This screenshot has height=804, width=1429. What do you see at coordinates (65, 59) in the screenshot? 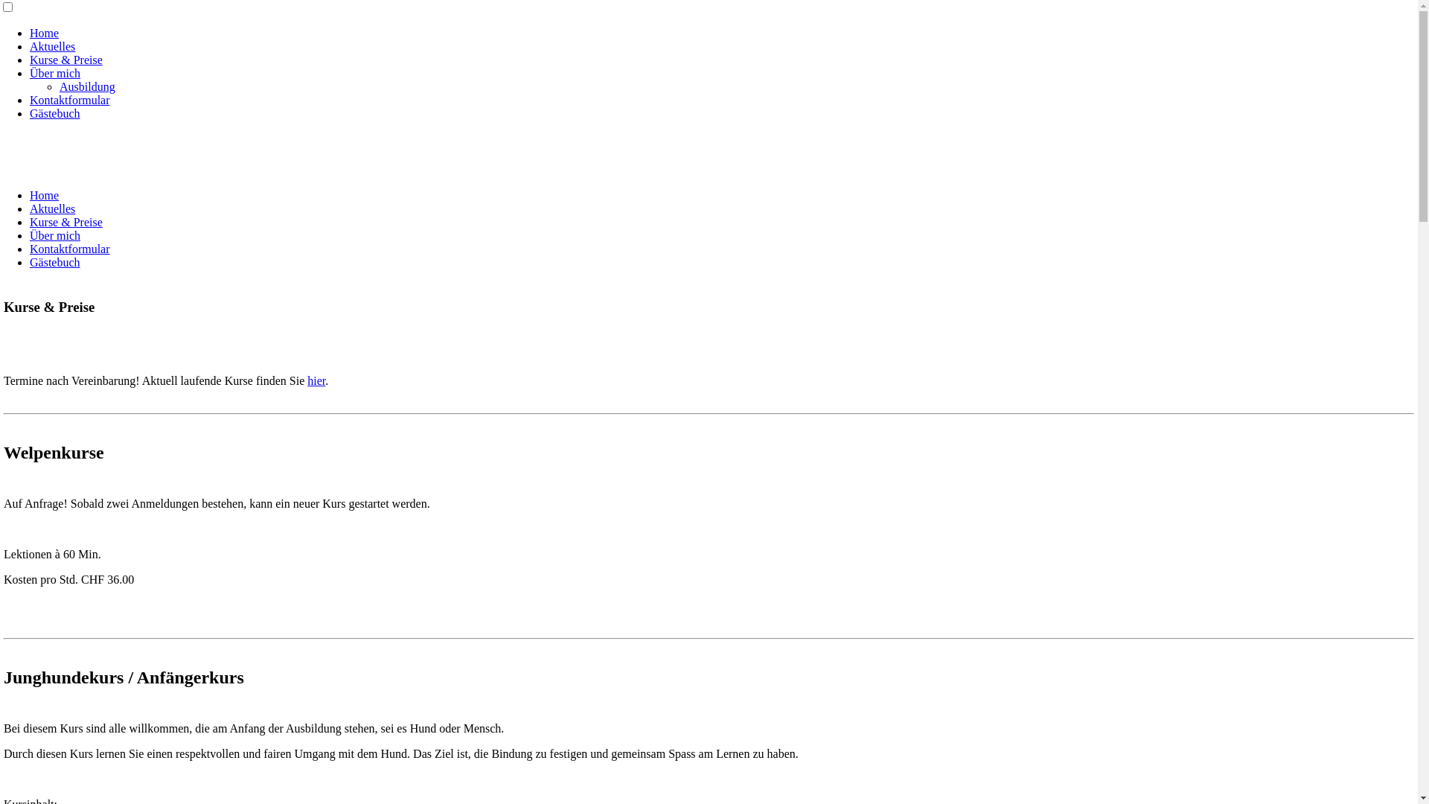
I see `'Kurse & Preise'` at bounding box center [65, 59].